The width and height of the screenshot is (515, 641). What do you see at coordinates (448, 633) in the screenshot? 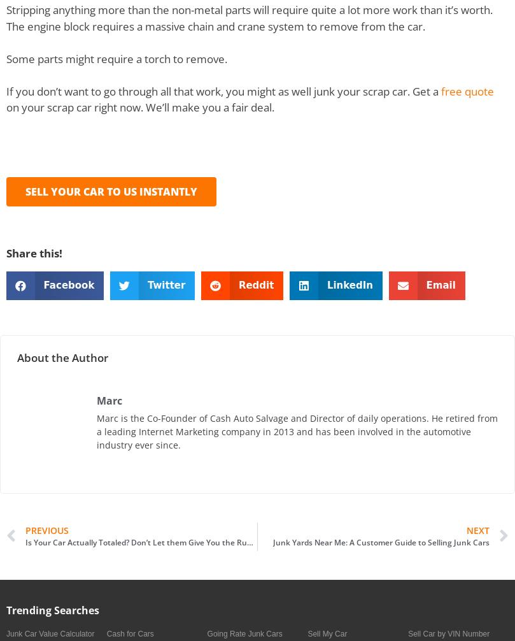
I see `'Sell Car by VIN Number'` at bounding box center [448, 633].